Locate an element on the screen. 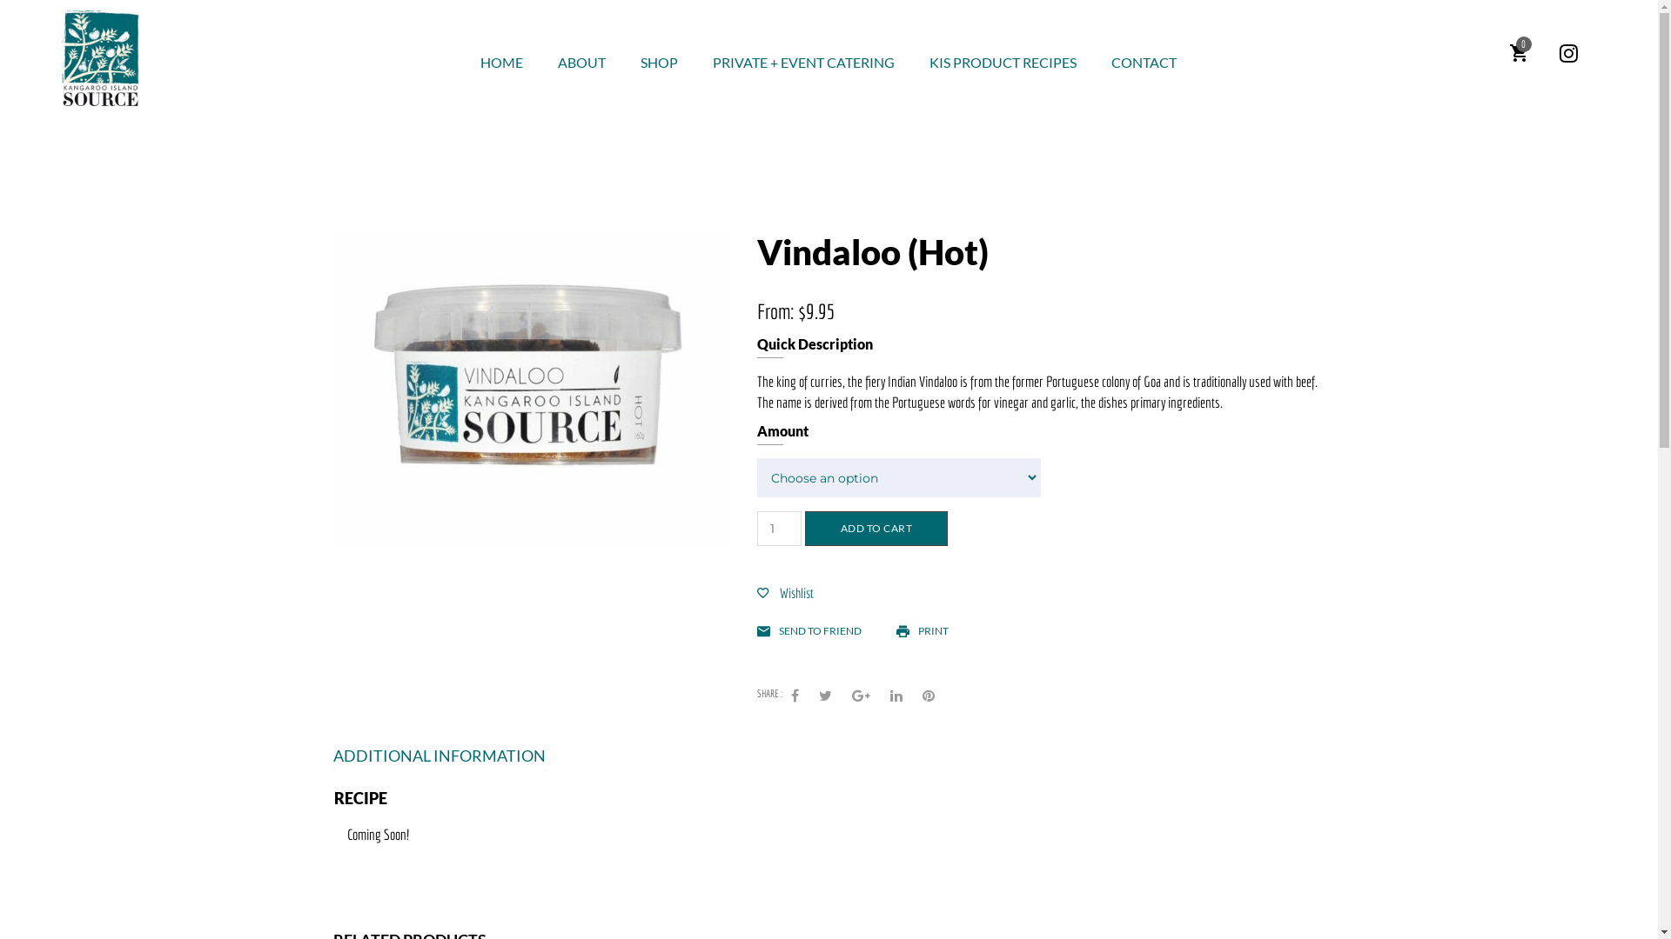 The width and height of the screenshot is (1671, 939). 'Qty' is located at coordinates (778, 528).